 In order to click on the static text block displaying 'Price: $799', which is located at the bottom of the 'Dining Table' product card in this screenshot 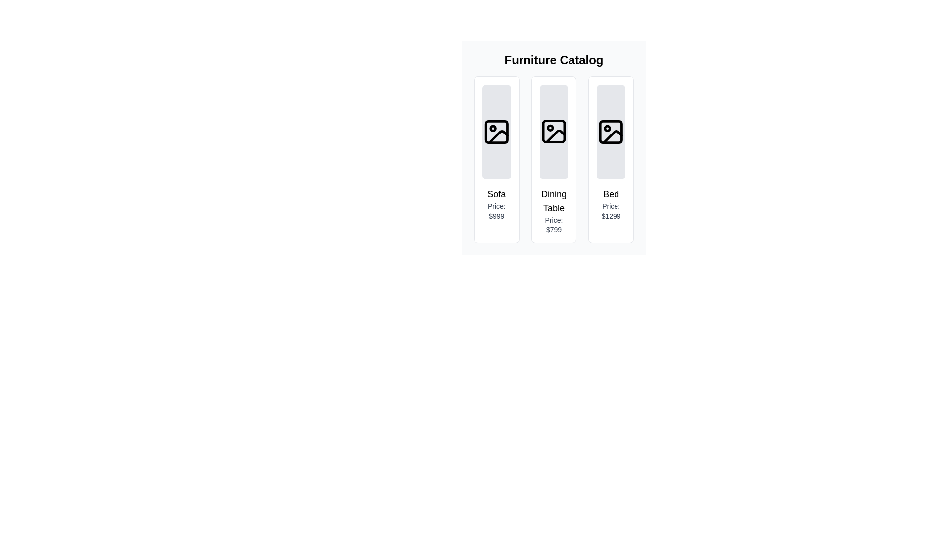, I will do `click(553, 225)`.